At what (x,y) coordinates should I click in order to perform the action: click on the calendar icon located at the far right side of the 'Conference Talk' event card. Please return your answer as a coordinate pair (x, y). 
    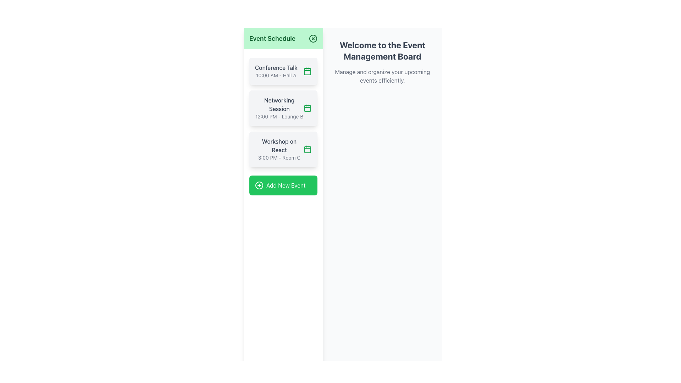
    Looking at the image, I should click on (307, 71).